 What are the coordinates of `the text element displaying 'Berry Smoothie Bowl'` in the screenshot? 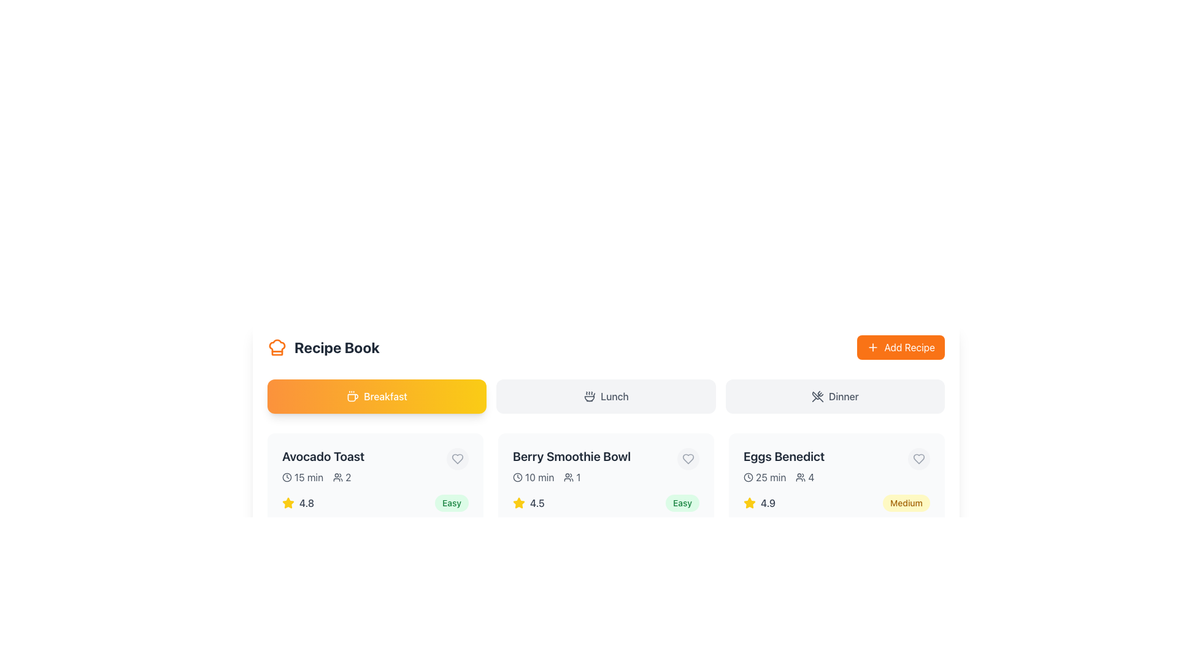 It's located at (571, 456).